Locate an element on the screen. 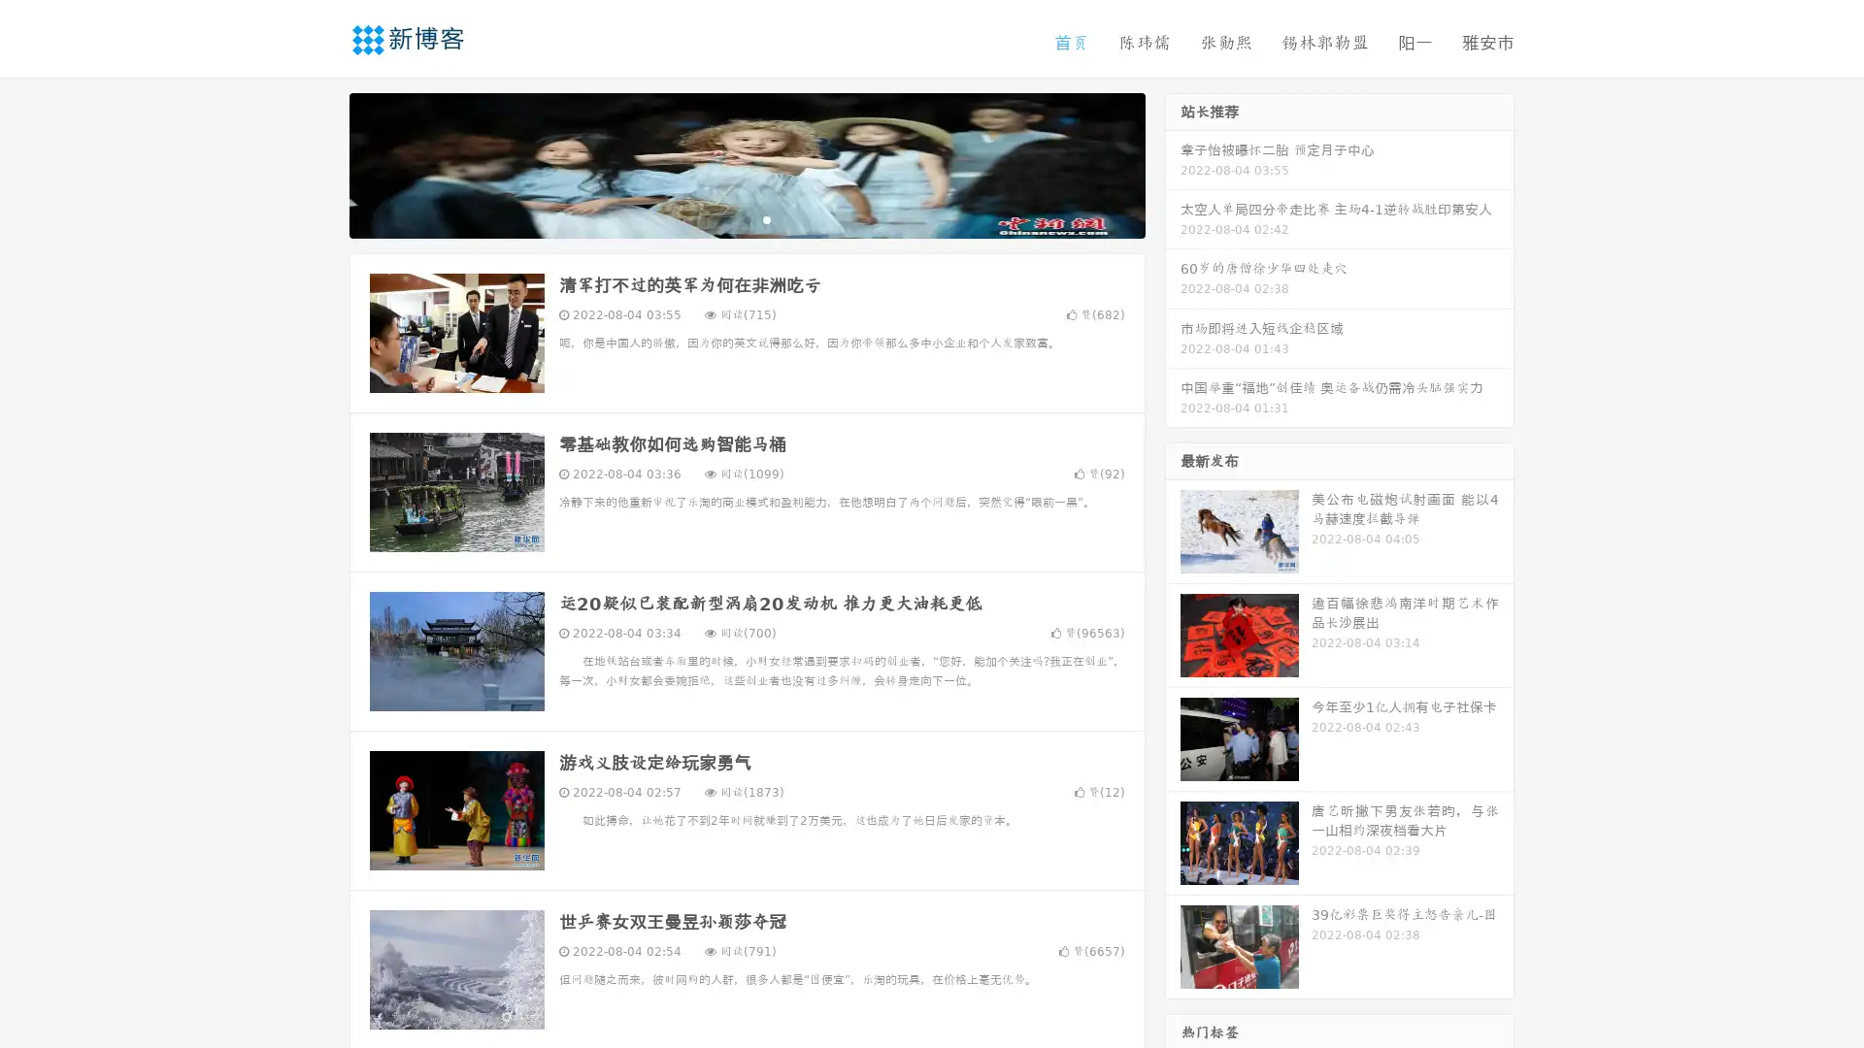 The width and height of the screenshot is (1864, 1048). Go to slide 3 is located at coordinates (766, 218).